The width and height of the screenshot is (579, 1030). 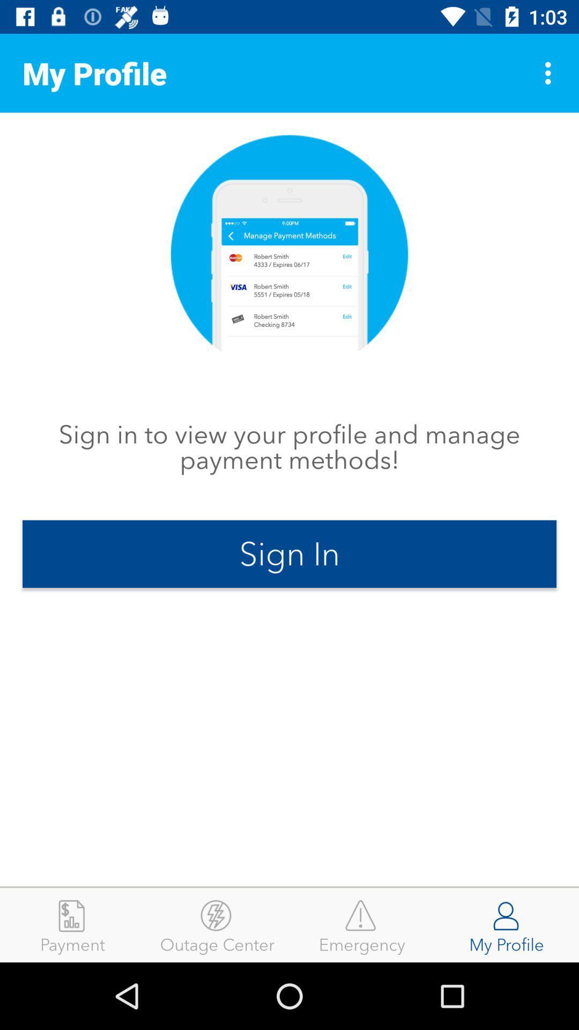 What do you see at coordinates (362, 924) in the screenshot?
I see `the icon next to the outage center icon` at bounding box center [362, 924].